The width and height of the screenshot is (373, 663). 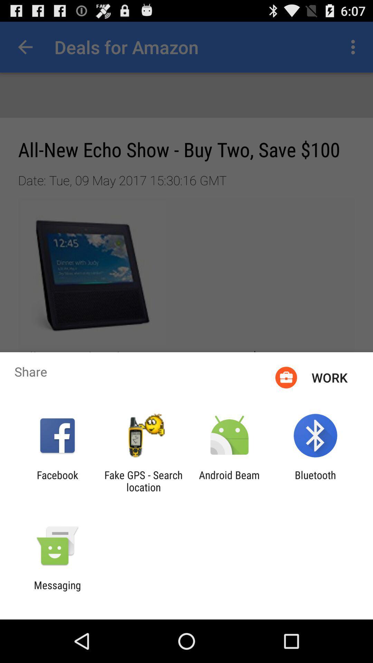 I want to click on facebook icon, so click(x=57, y=481).